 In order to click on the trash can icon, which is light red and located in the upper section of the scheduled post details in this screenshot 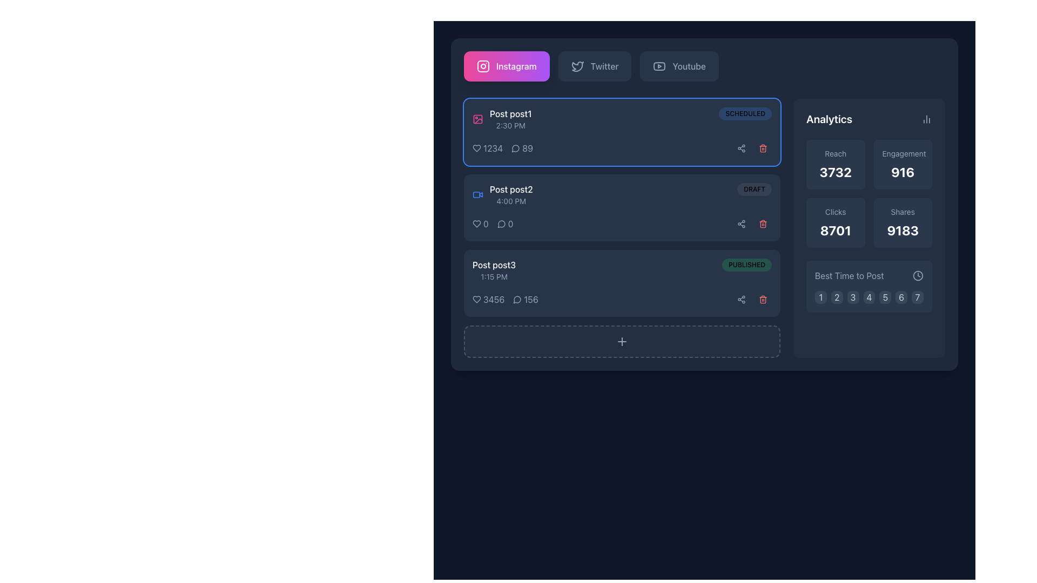, I will do `click(762, 148)`.